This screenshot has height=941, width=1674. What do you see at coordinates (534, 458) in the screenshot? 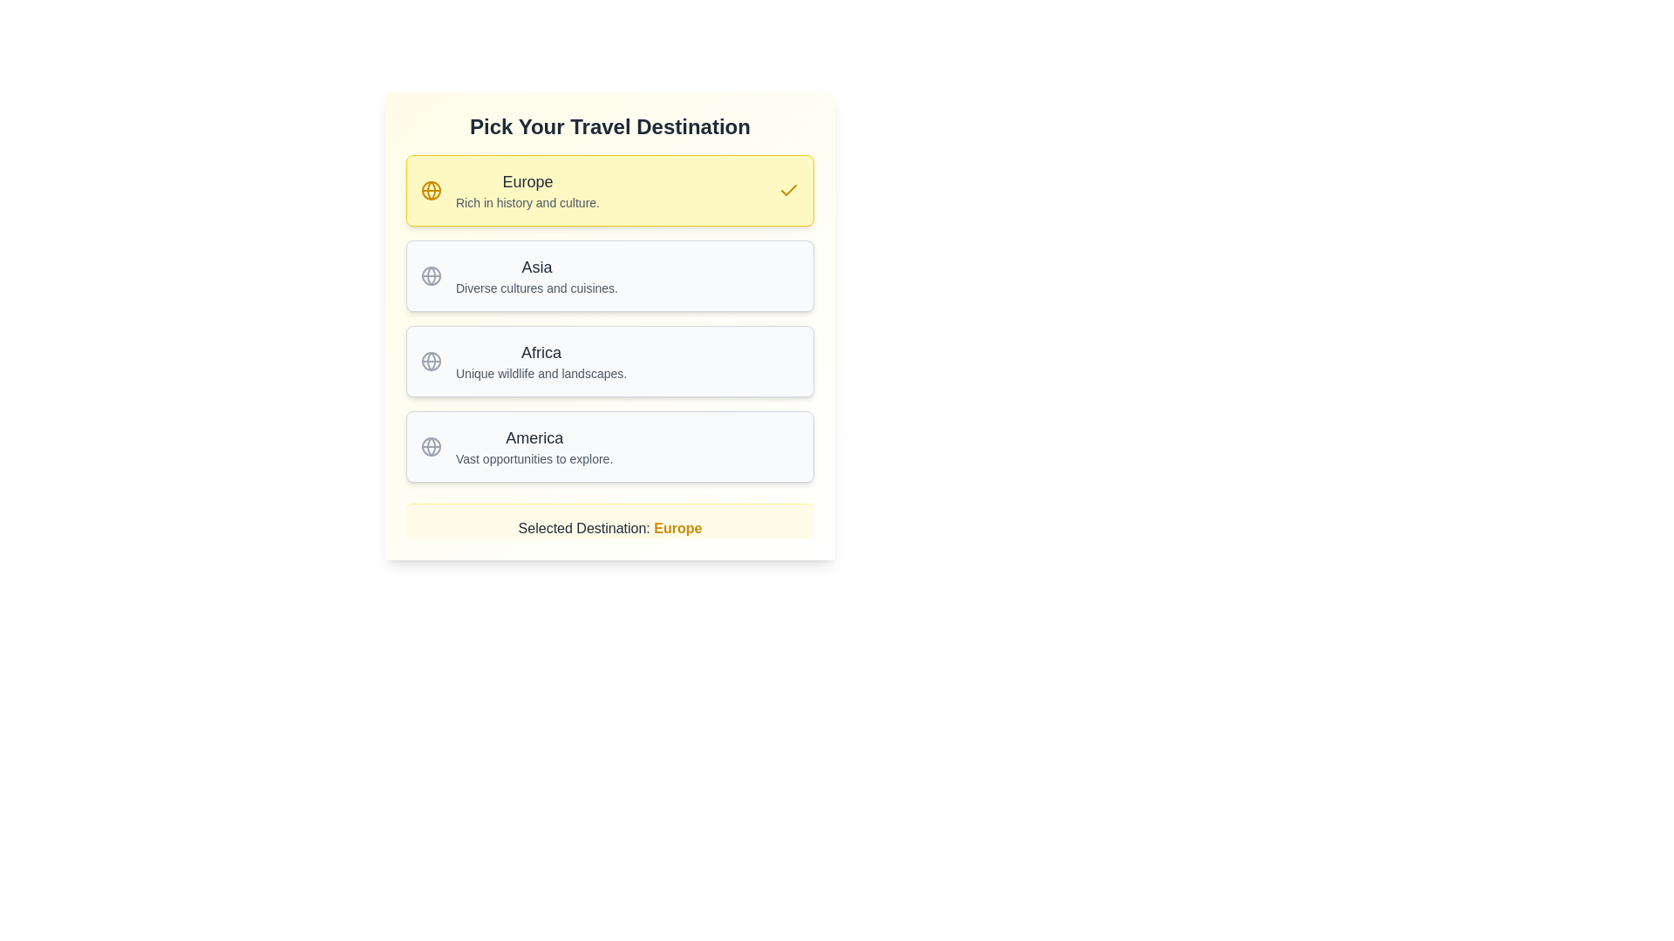
I see `the text label displaying 'Vast opportunities` at bounding box center [534, 458].